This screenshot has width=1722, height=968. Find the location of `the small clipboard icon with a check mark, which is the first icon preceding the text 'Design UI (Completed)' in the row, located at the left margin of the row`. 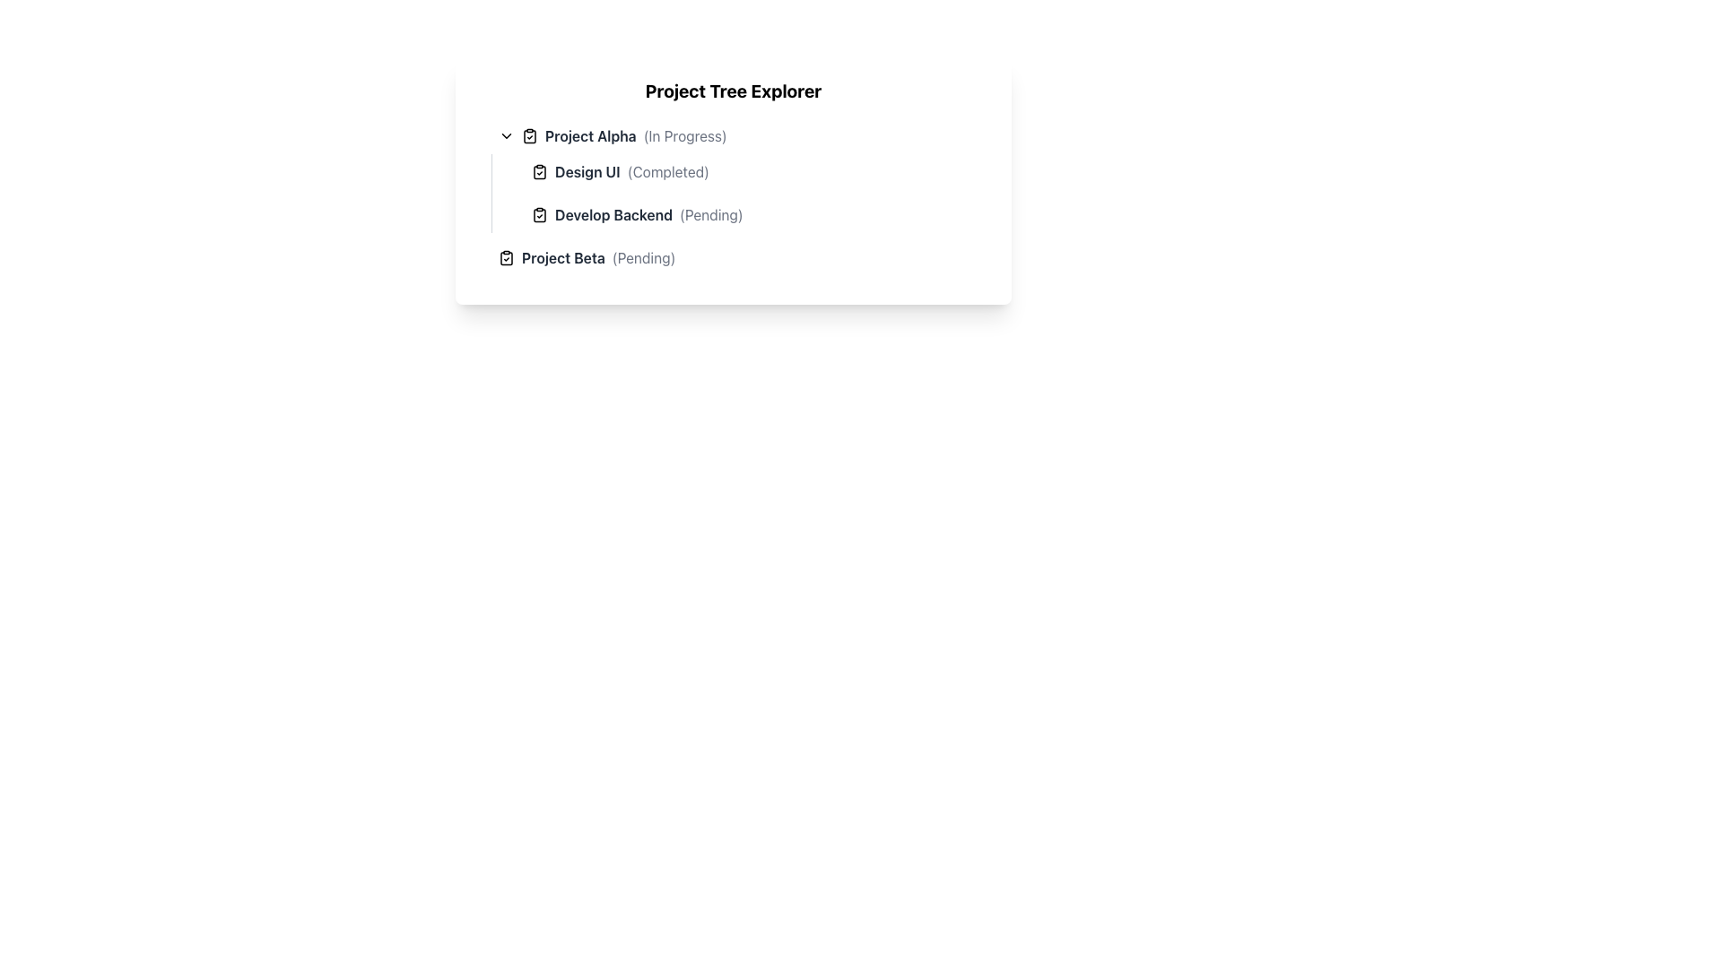

the small clipboard icon with a check mark, which is the first icon preceding the text 'Design UI (Completed)' in the row, located at the left margin of the row is located at coordinates (538, 172).